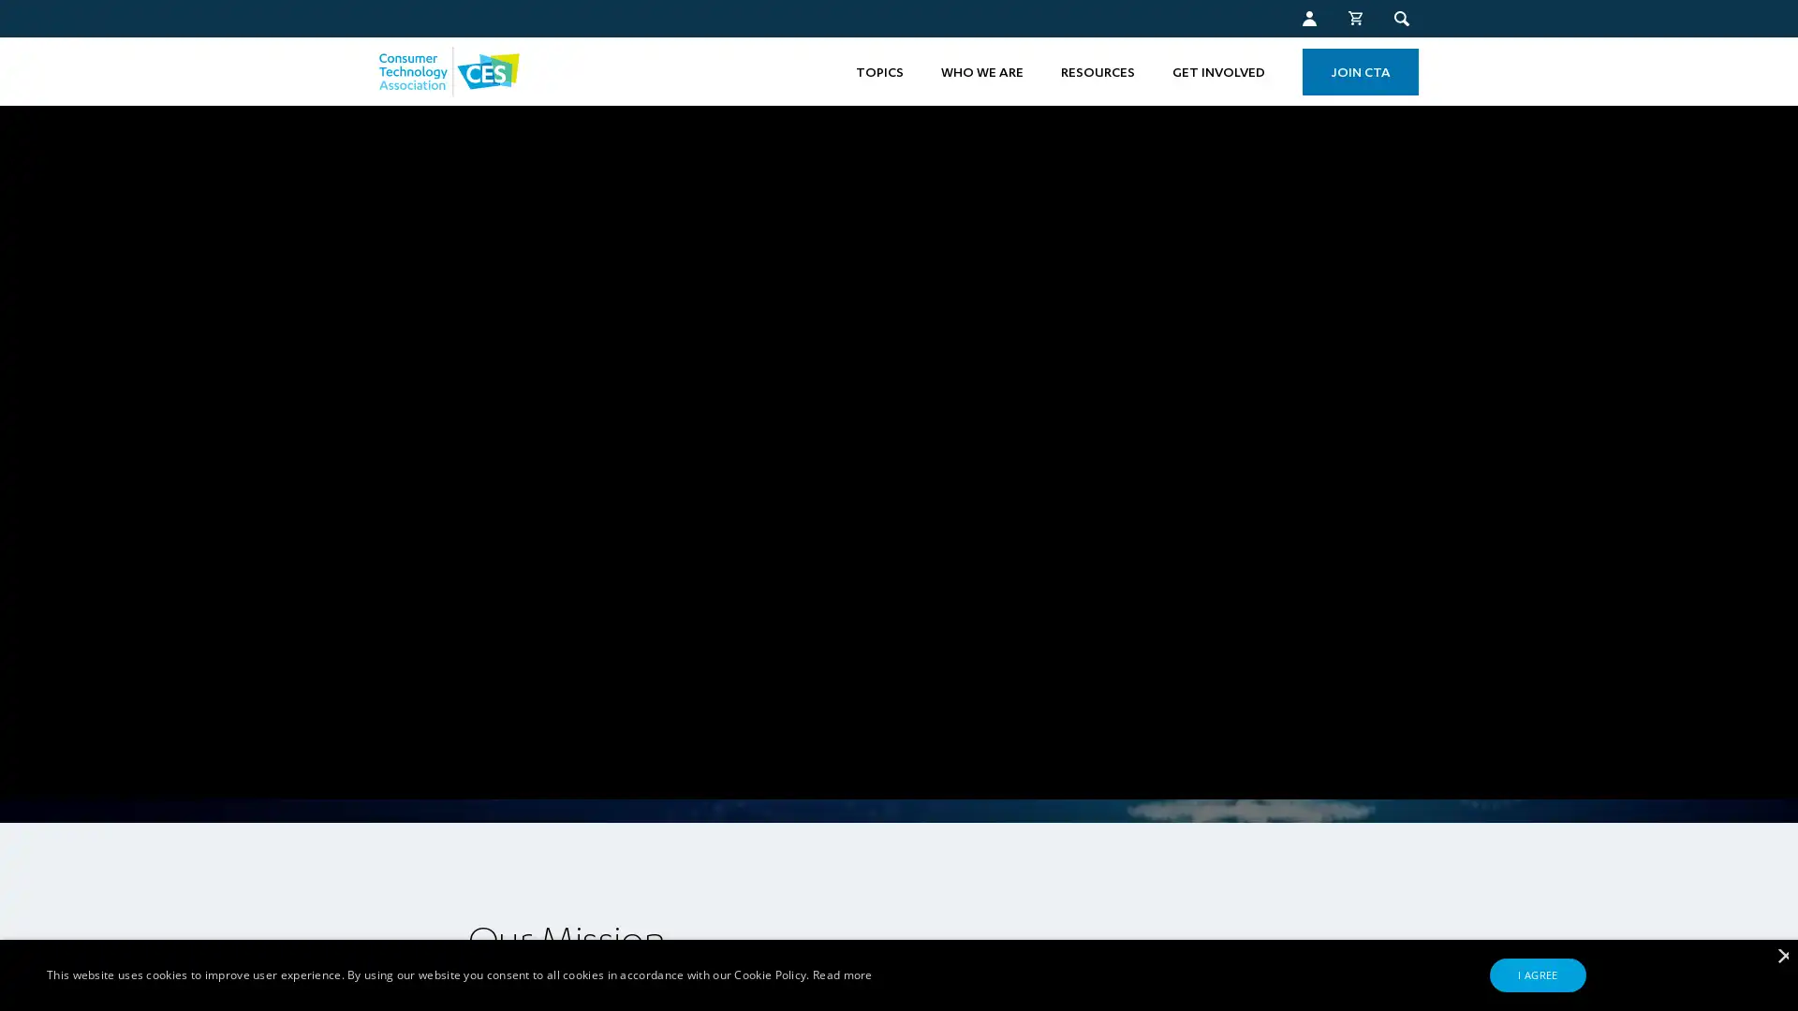 Image resolution: width=1798 pixels, height=1011 pixels. I want to click on TOPICS, so click(878, 70).